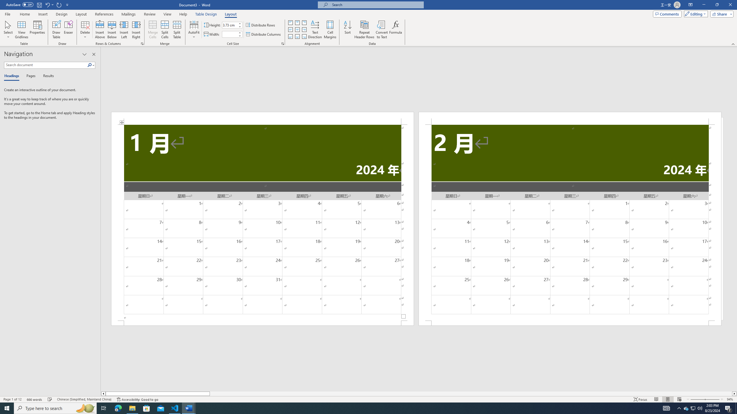  Describe the element at coordinates (68, 30) in the screenshot. I see `'Eraser'` at that location.